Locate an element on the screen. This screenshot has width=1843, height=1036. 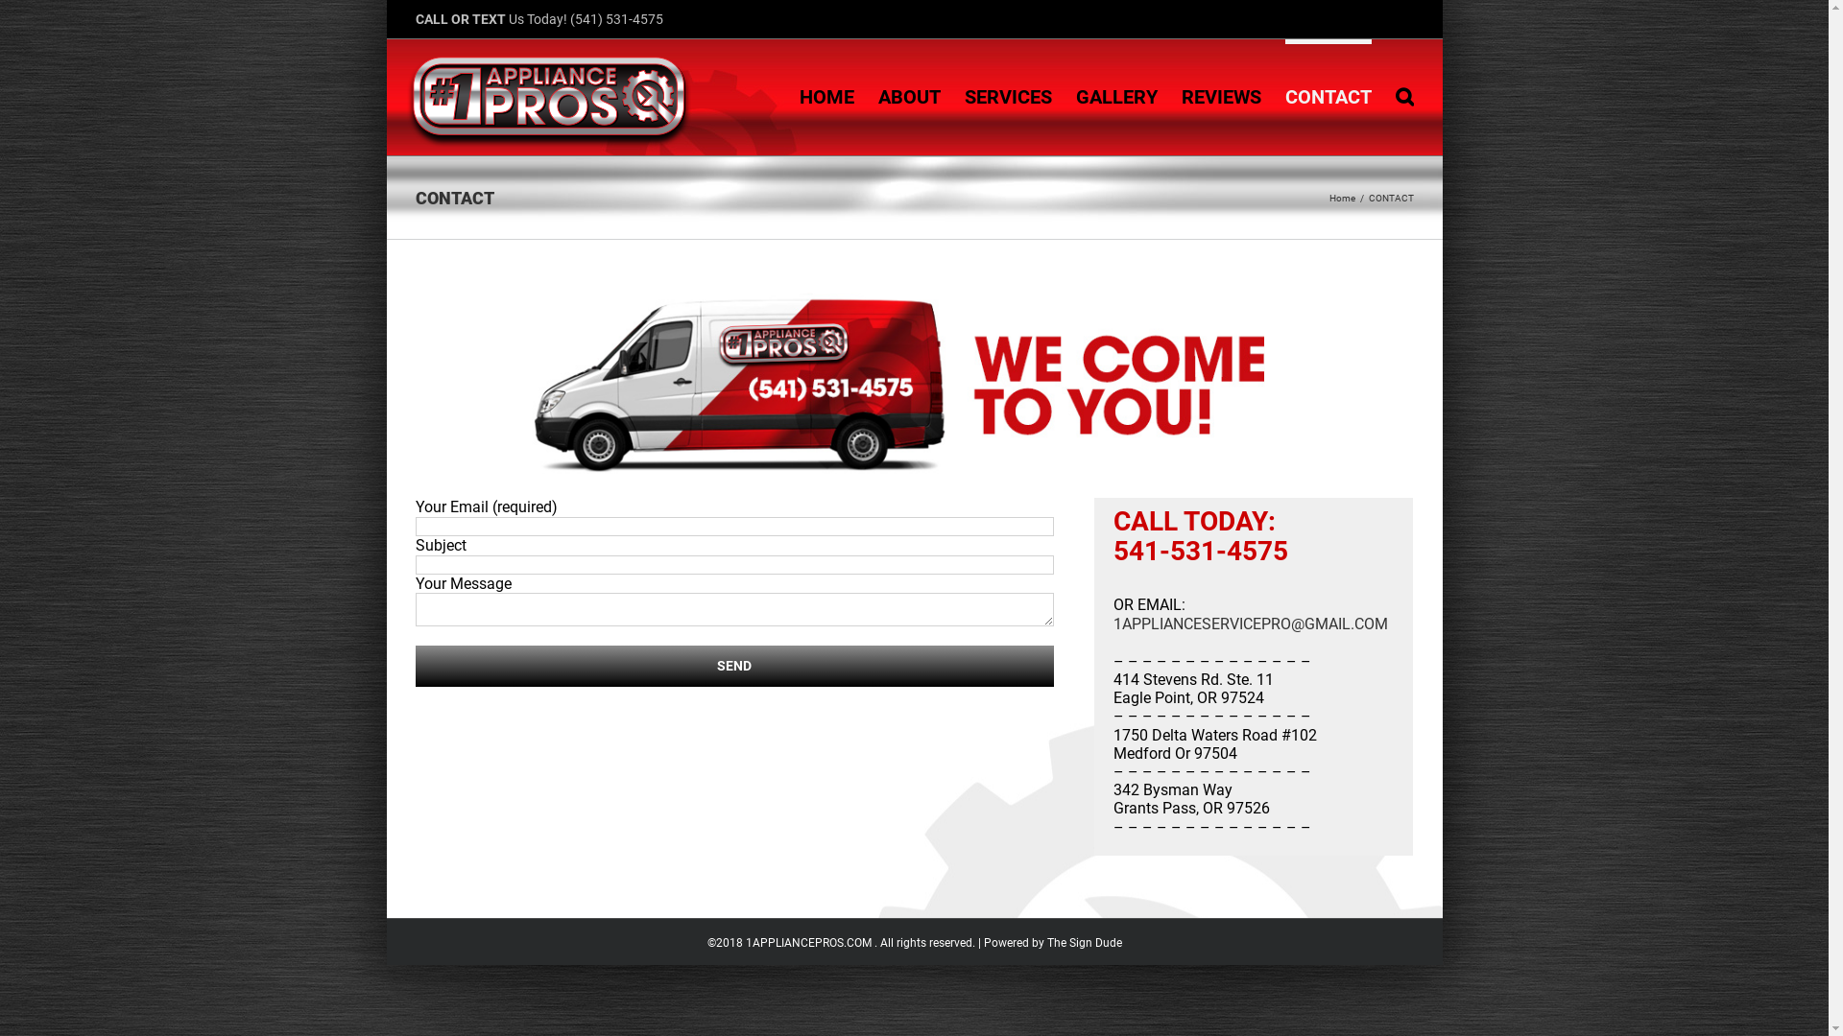
'The Sign Dude' is located at coordinates (1083, 942).